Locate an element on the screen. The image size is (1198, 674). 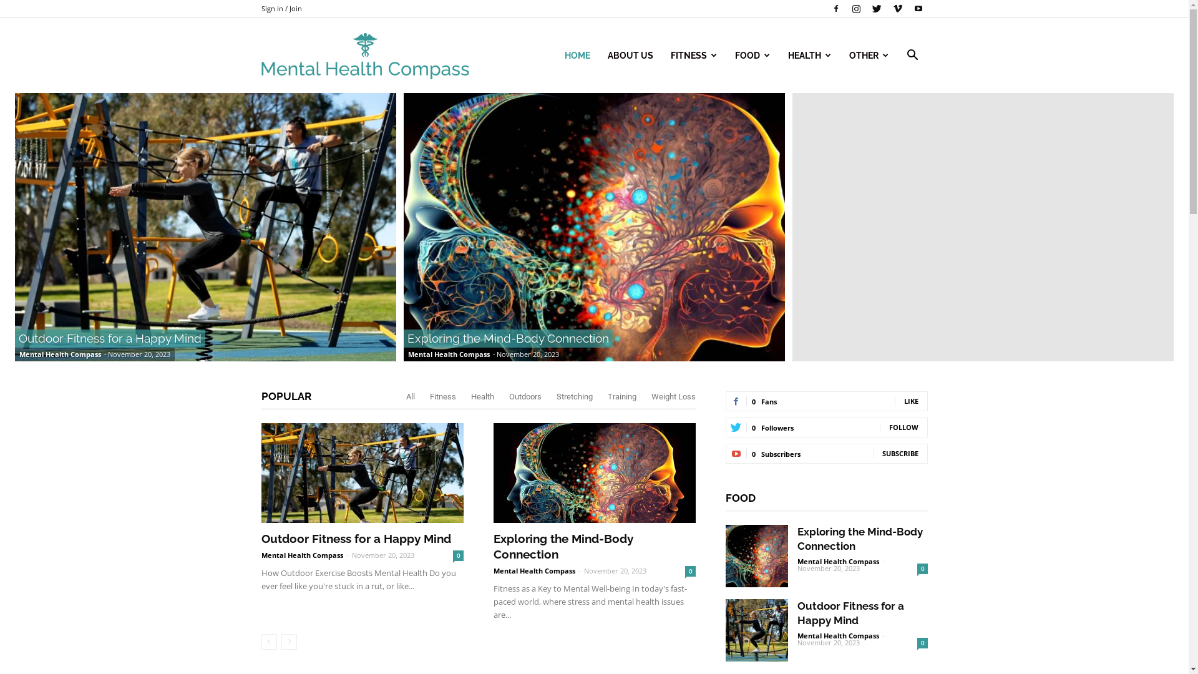
'HEALTH' is located at coordinates (809, 54).